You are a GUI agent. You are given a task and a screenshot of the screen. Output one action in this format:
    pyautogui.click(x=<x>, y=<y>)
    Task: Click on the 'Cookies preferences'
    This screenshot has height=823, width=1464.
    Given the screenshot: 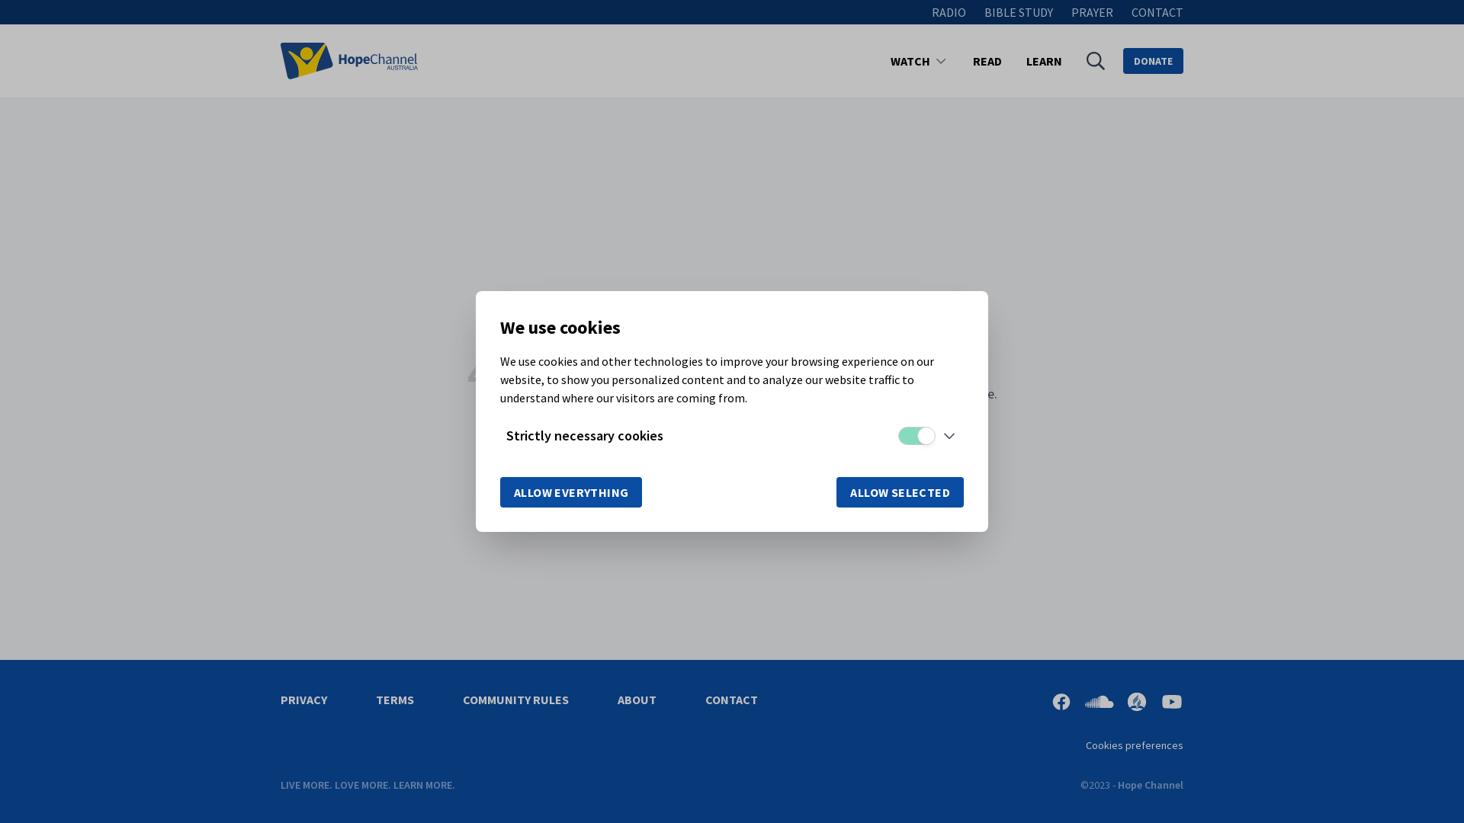 What is the action you would take?
    pyautogui.click(x=1135, y=745)
    